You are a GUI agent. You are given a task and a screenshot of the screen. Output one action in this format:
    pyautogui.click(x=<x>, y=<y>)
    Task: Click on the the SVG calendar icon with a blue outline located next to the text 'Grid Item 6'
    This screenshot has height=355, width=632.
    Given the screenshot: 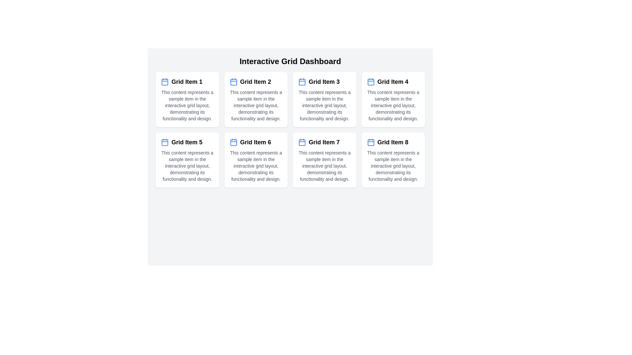 What is the action you would take?
    pyautogui.click(x=233, y=142)
    